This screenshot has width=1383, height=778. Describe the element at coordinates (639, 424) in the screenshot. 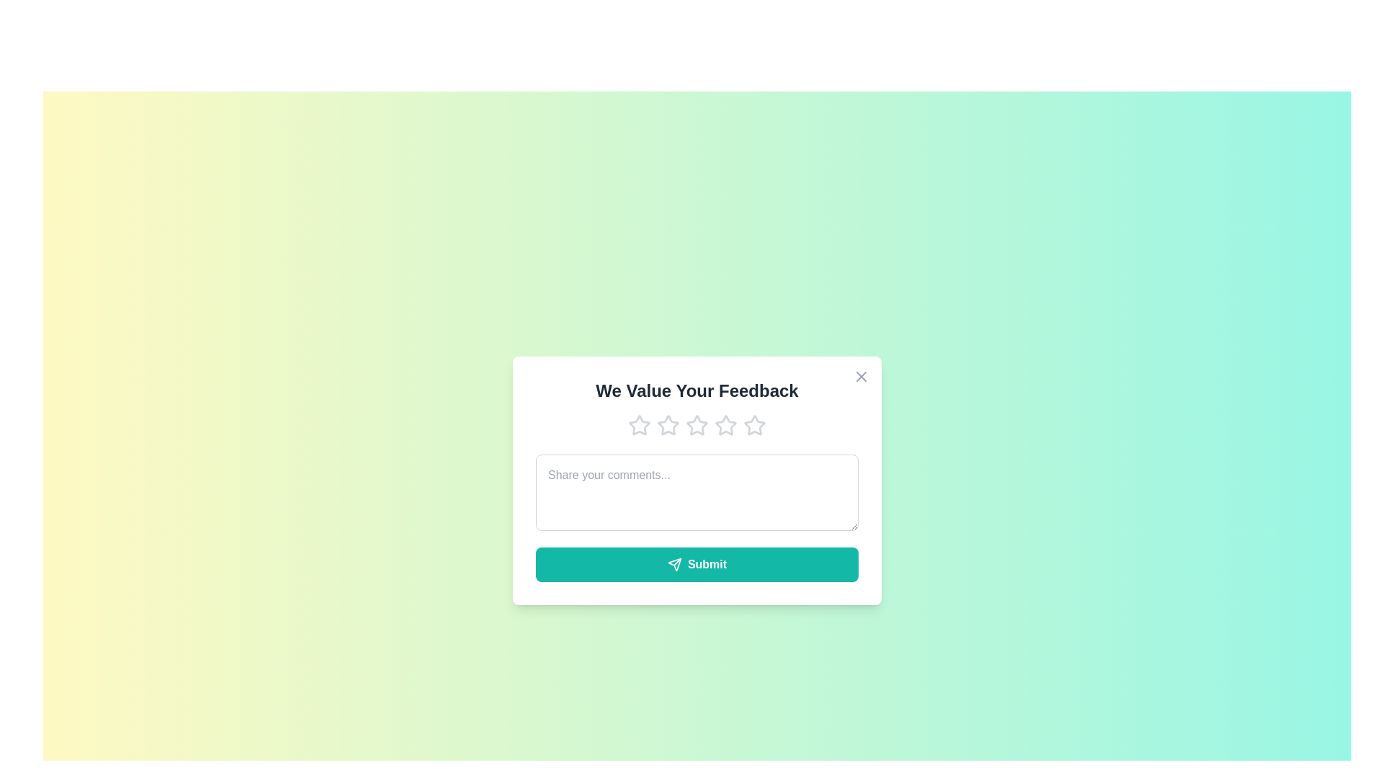

I see `the feedback rating to 1 stars by clicking on the corresponding star` at that location.